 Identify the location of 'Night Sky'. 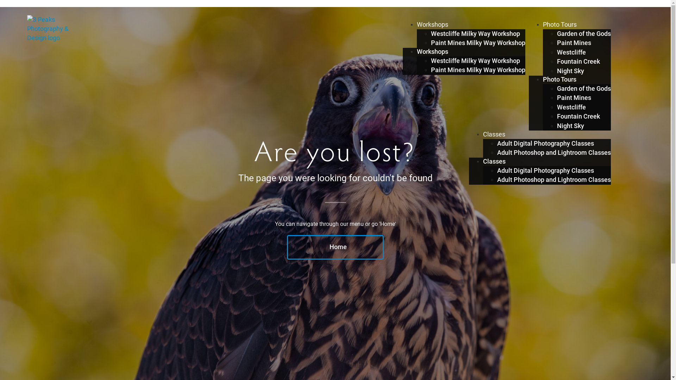
(570, 71).